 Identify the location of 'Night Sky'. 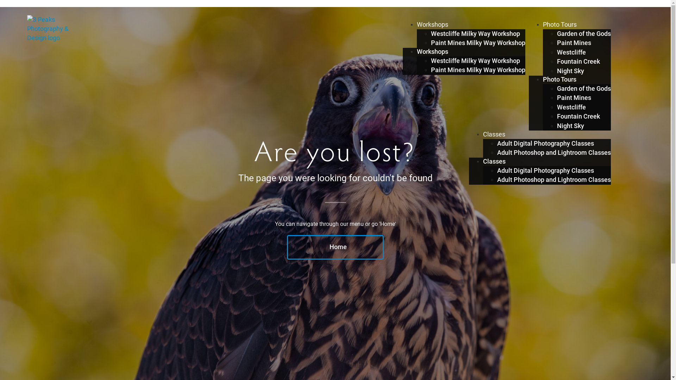
(570, 71).